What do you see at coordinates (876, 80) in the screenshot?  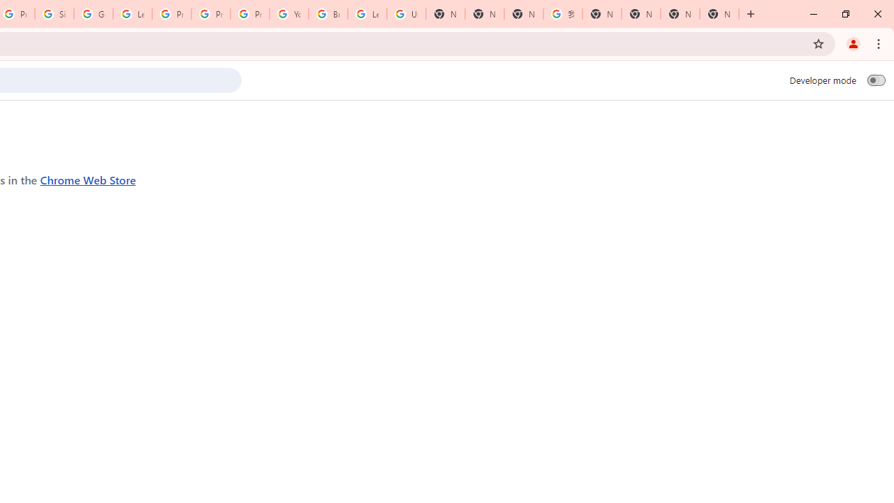 I see `'Developer mode'` at bounding box center [876, 80].